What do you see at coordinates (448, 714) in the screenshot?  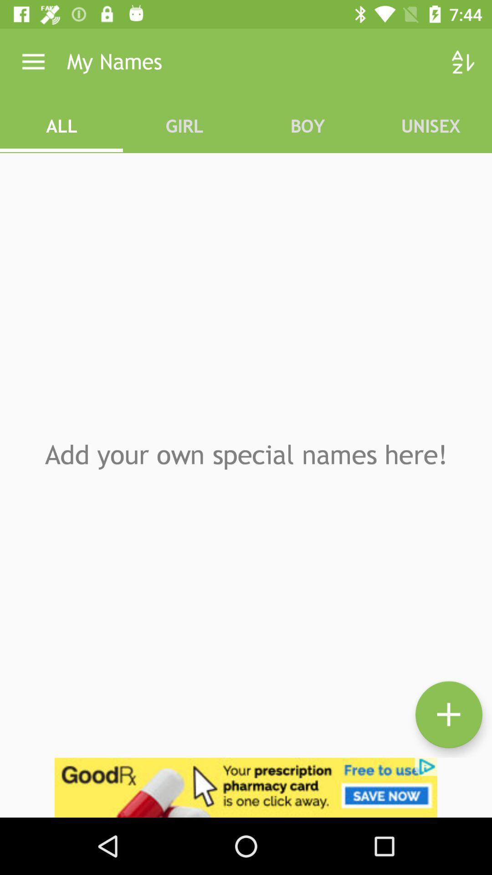 I see `the add icon` at bounding box center [448, 714].